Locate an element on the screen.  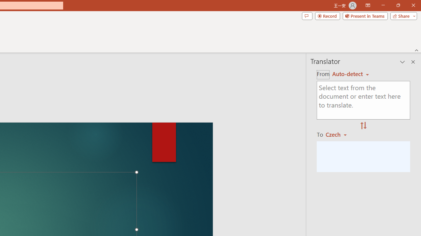
'Present in Teams' is located at coordinates (365, 15).